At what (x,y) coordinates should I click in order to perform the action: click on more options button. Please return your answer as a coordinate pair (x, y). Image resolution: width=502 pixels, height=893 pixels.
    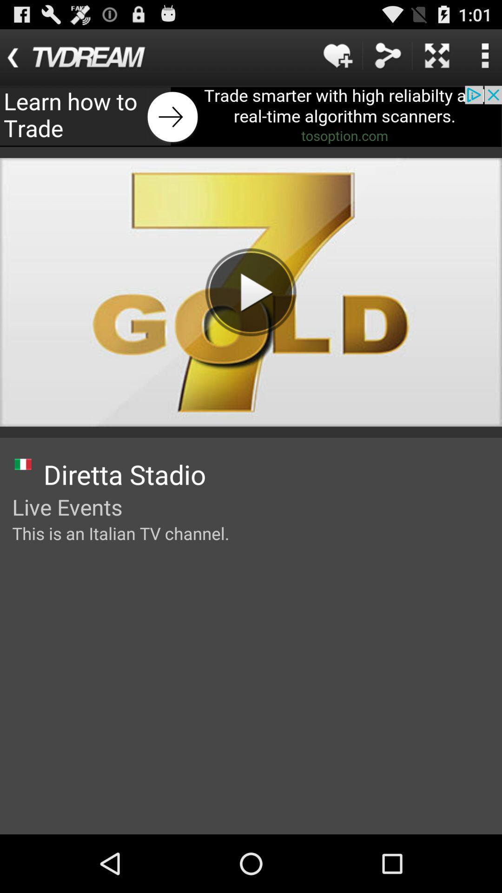
    Looking at the image, I should click on (484, 55).